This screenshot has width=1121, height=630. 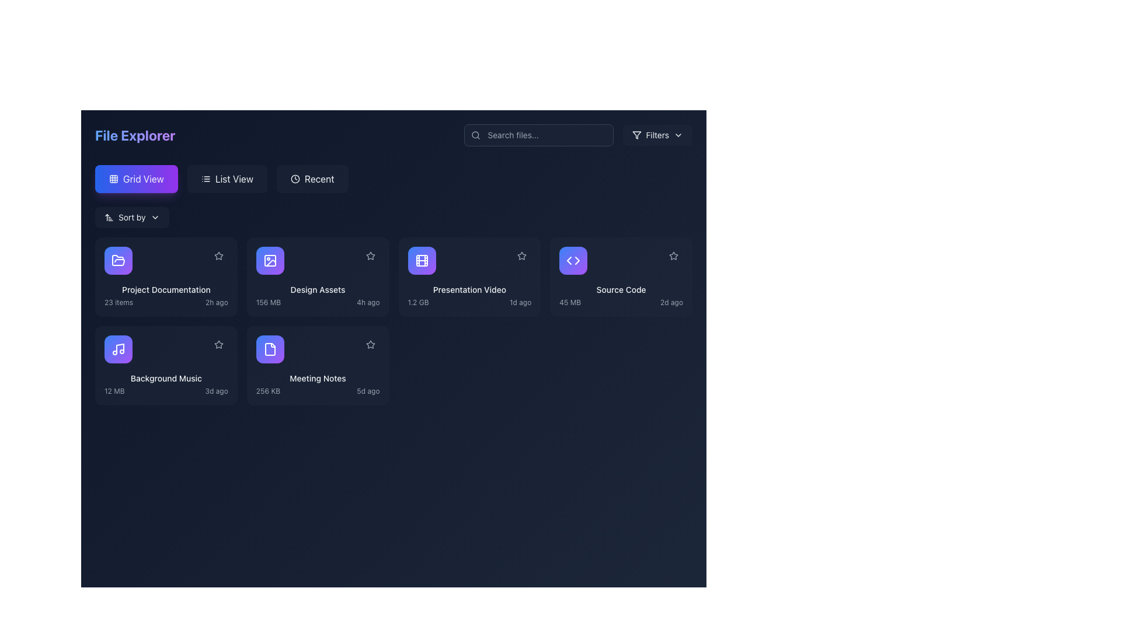 What do you see at coordinates (657, 134) in the screenshot?
I see `the filter options button located in the upper right corner of the user interface` at bounding box center [657, 134].